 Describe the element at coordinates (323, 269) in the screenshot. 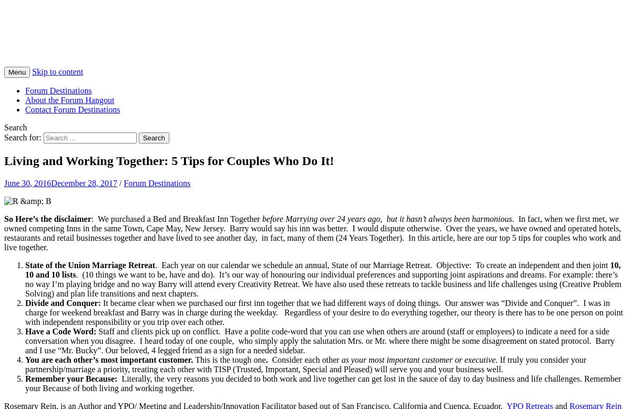

I see `'10, 10 and 10 lists'` at that location.